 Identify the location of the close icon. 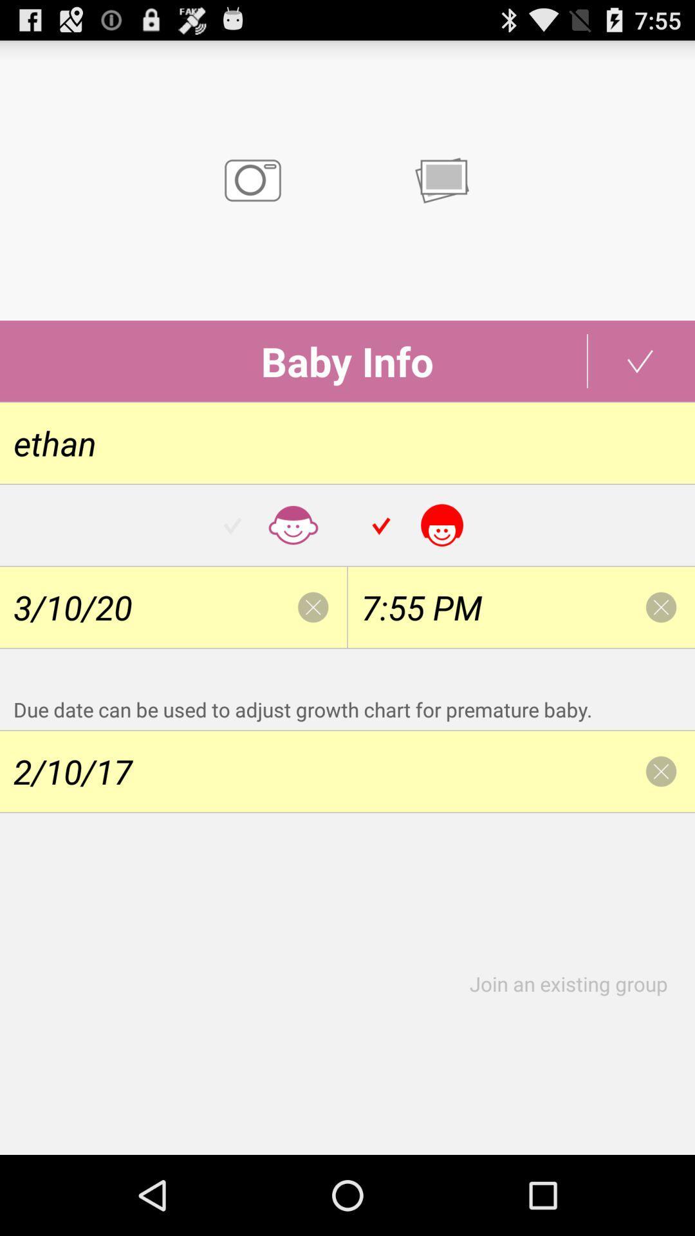
(313, 650).